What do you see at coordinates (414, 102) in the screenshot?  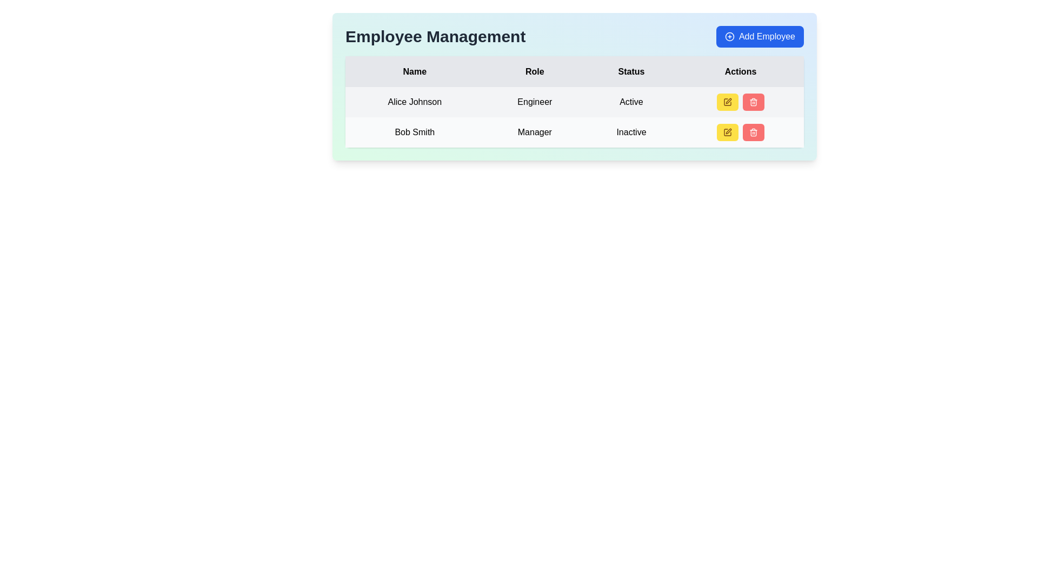 I see `the text label displaying 'Alice Johnson' in the first row of the employee management table under the 'Name' column` at bounding box center [414, 102].